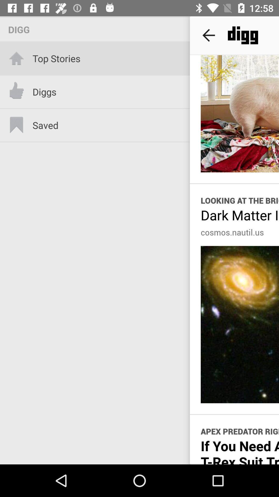 This screenshot has height=497, width=279. What do you see at coordinates (232, 232) in the screenshot?
I see `the icon below the dark matter is` at bounding box center [232, 232].